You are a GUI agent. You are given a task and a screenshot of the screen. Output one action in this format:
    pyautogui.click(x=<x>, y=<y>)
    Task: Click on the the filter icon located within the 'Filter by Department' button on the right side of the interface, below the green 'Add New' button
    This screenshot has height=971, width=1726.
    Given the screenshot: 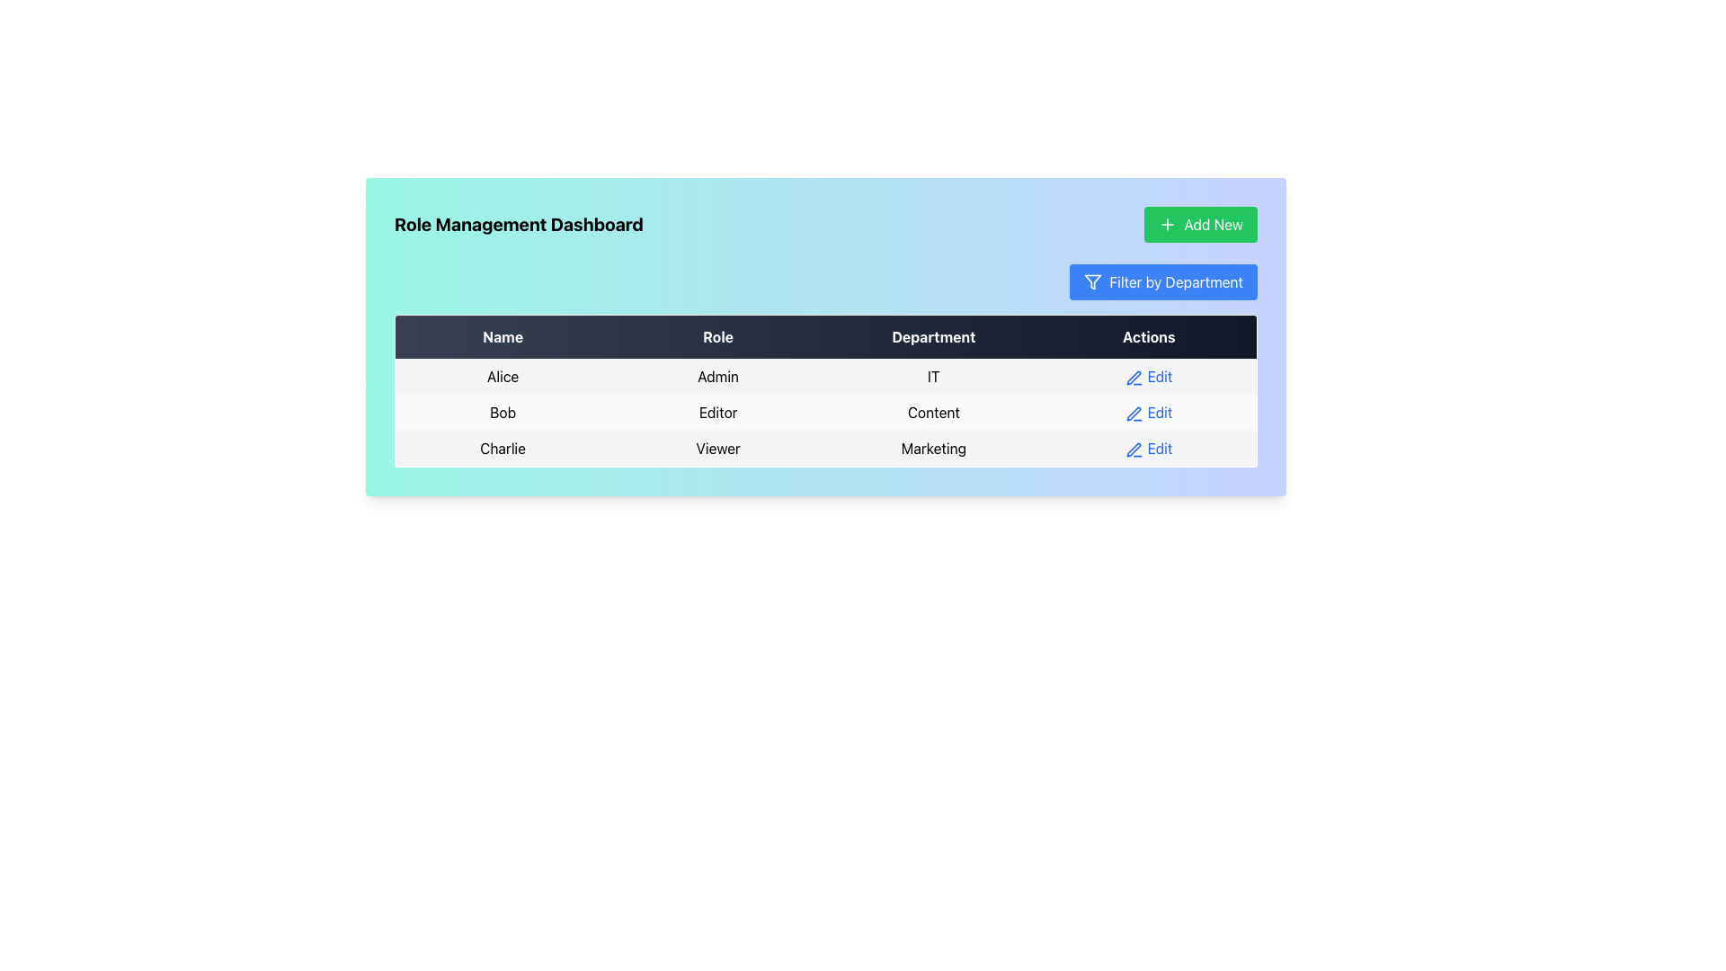 What is the action you would take?
    pyautogui.click(x=1092, y=281)
    